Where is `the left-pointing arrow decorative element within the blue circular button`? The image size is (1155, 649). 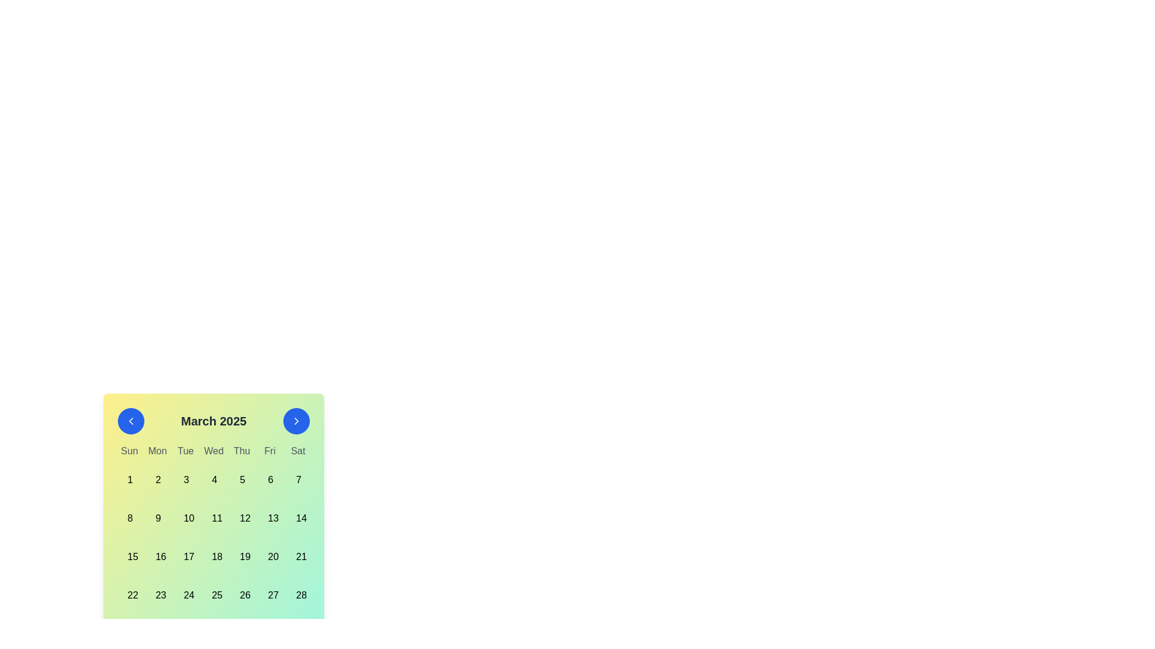
the left-pointing arrow decorative element within the blue circular button is located at coordinates (131, 421).